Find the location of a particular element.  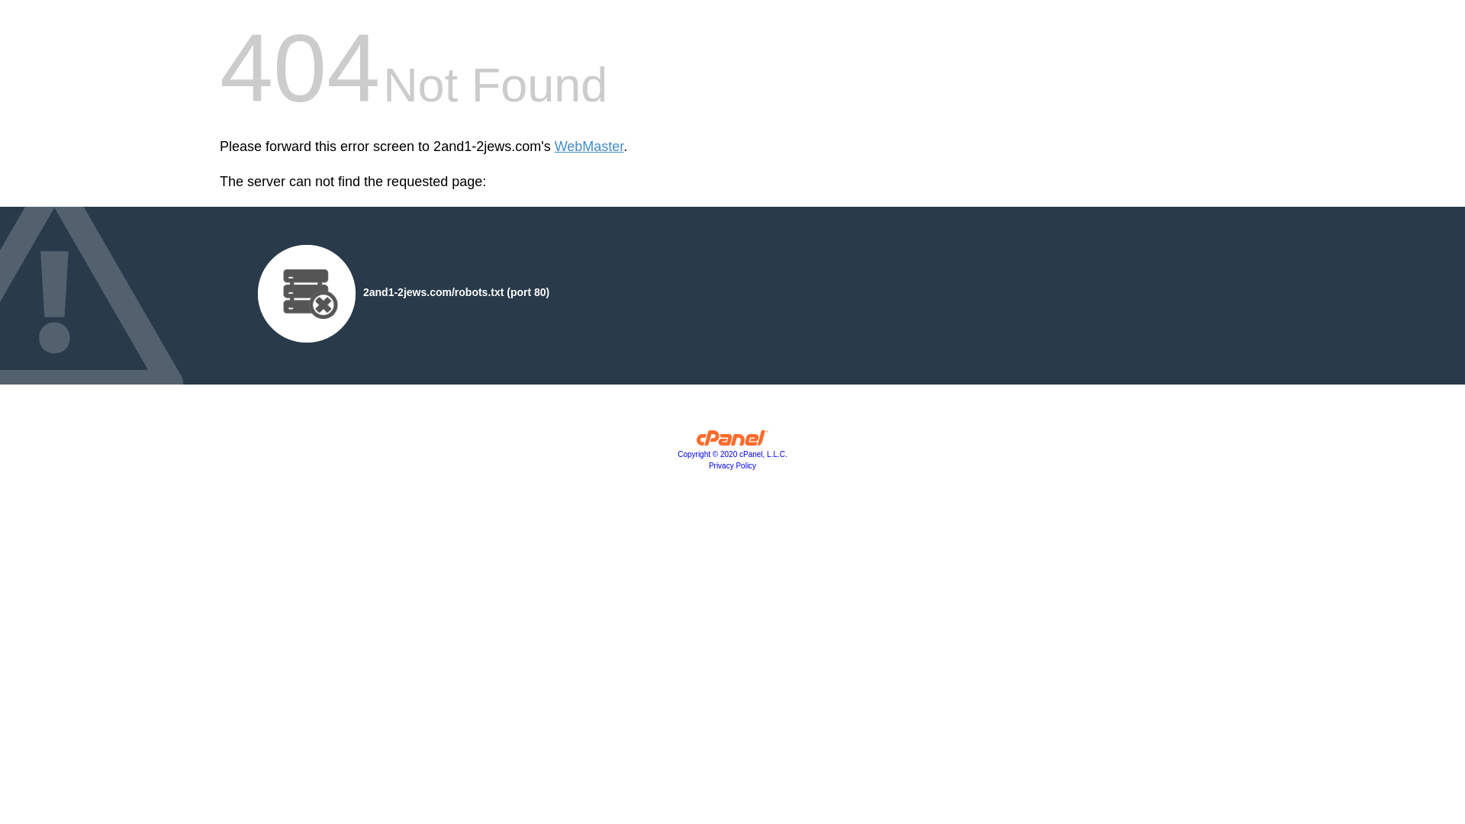

'WebMaster' is located at coordinates (588, 146).